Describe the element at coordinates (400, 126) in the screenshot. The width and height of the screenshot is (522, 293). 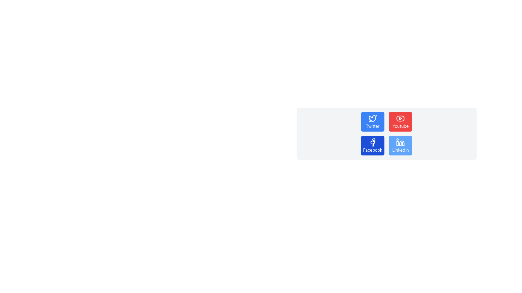
I see `the red button containing the 'YouTube' text label, which is positioned in the top-right group of buttons in a two-by-two grid layout` at that location.